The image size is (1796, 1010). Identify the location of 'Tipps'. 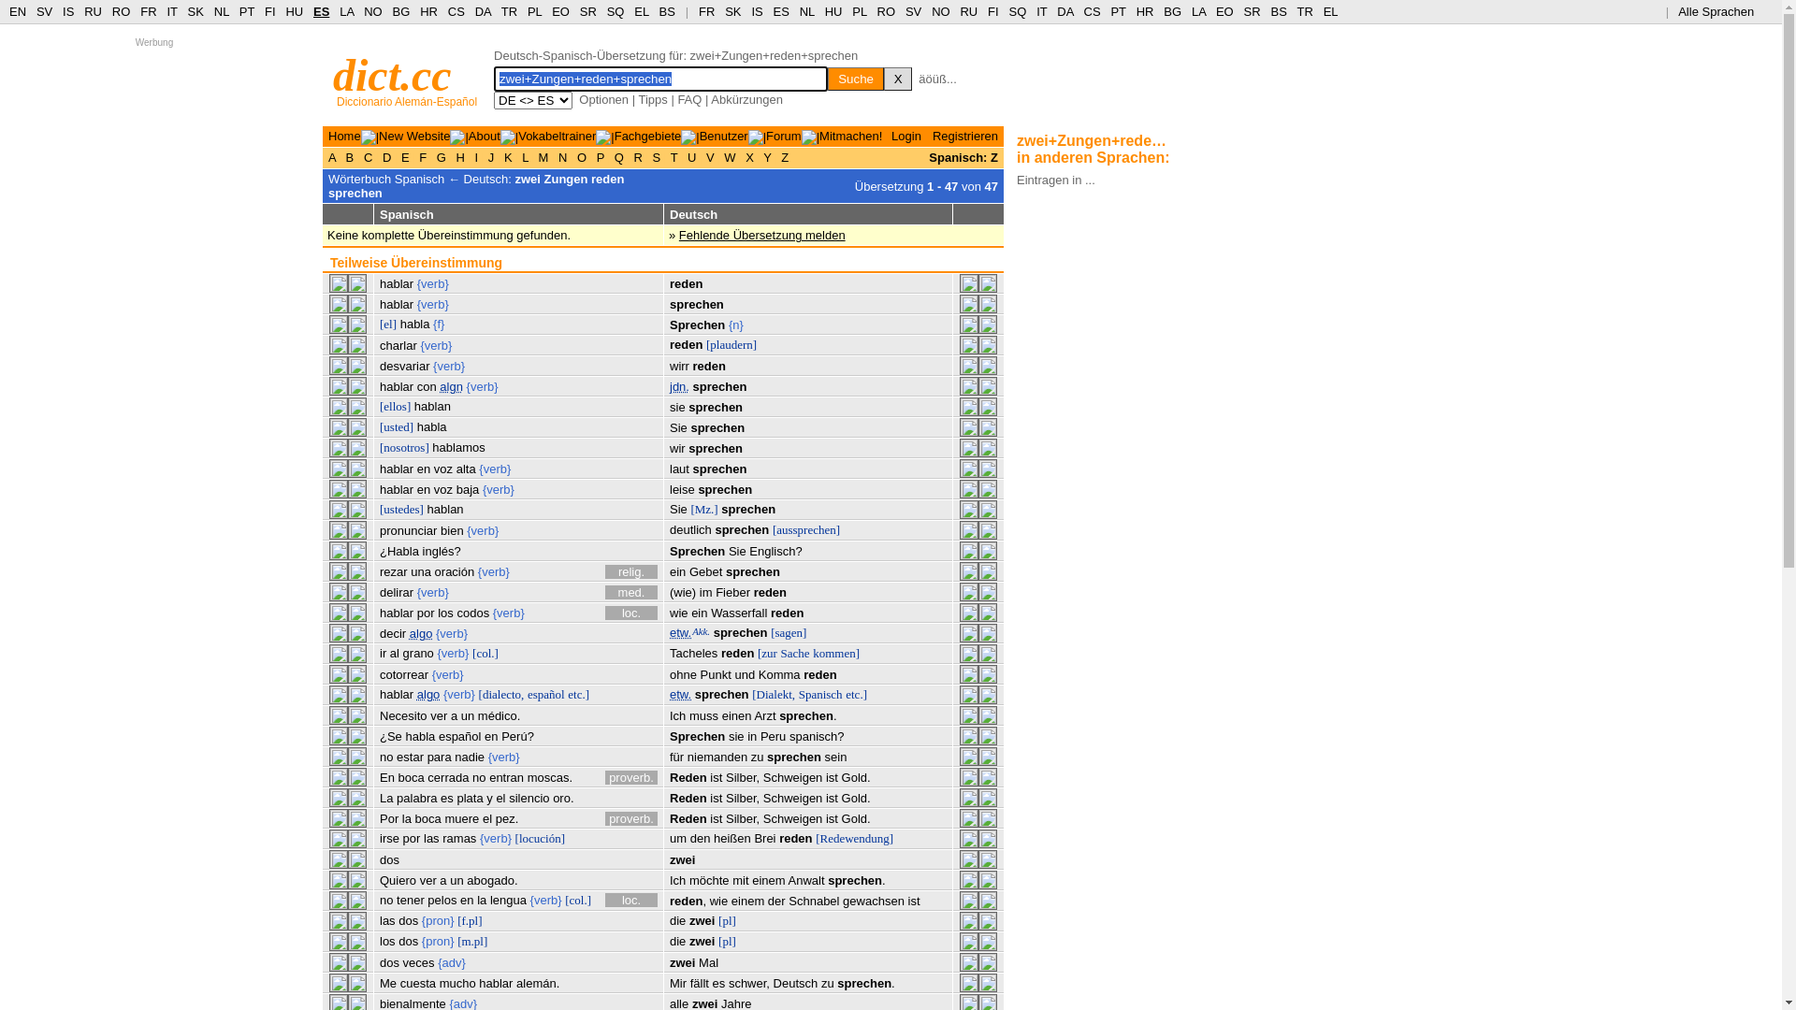
(652, 99).